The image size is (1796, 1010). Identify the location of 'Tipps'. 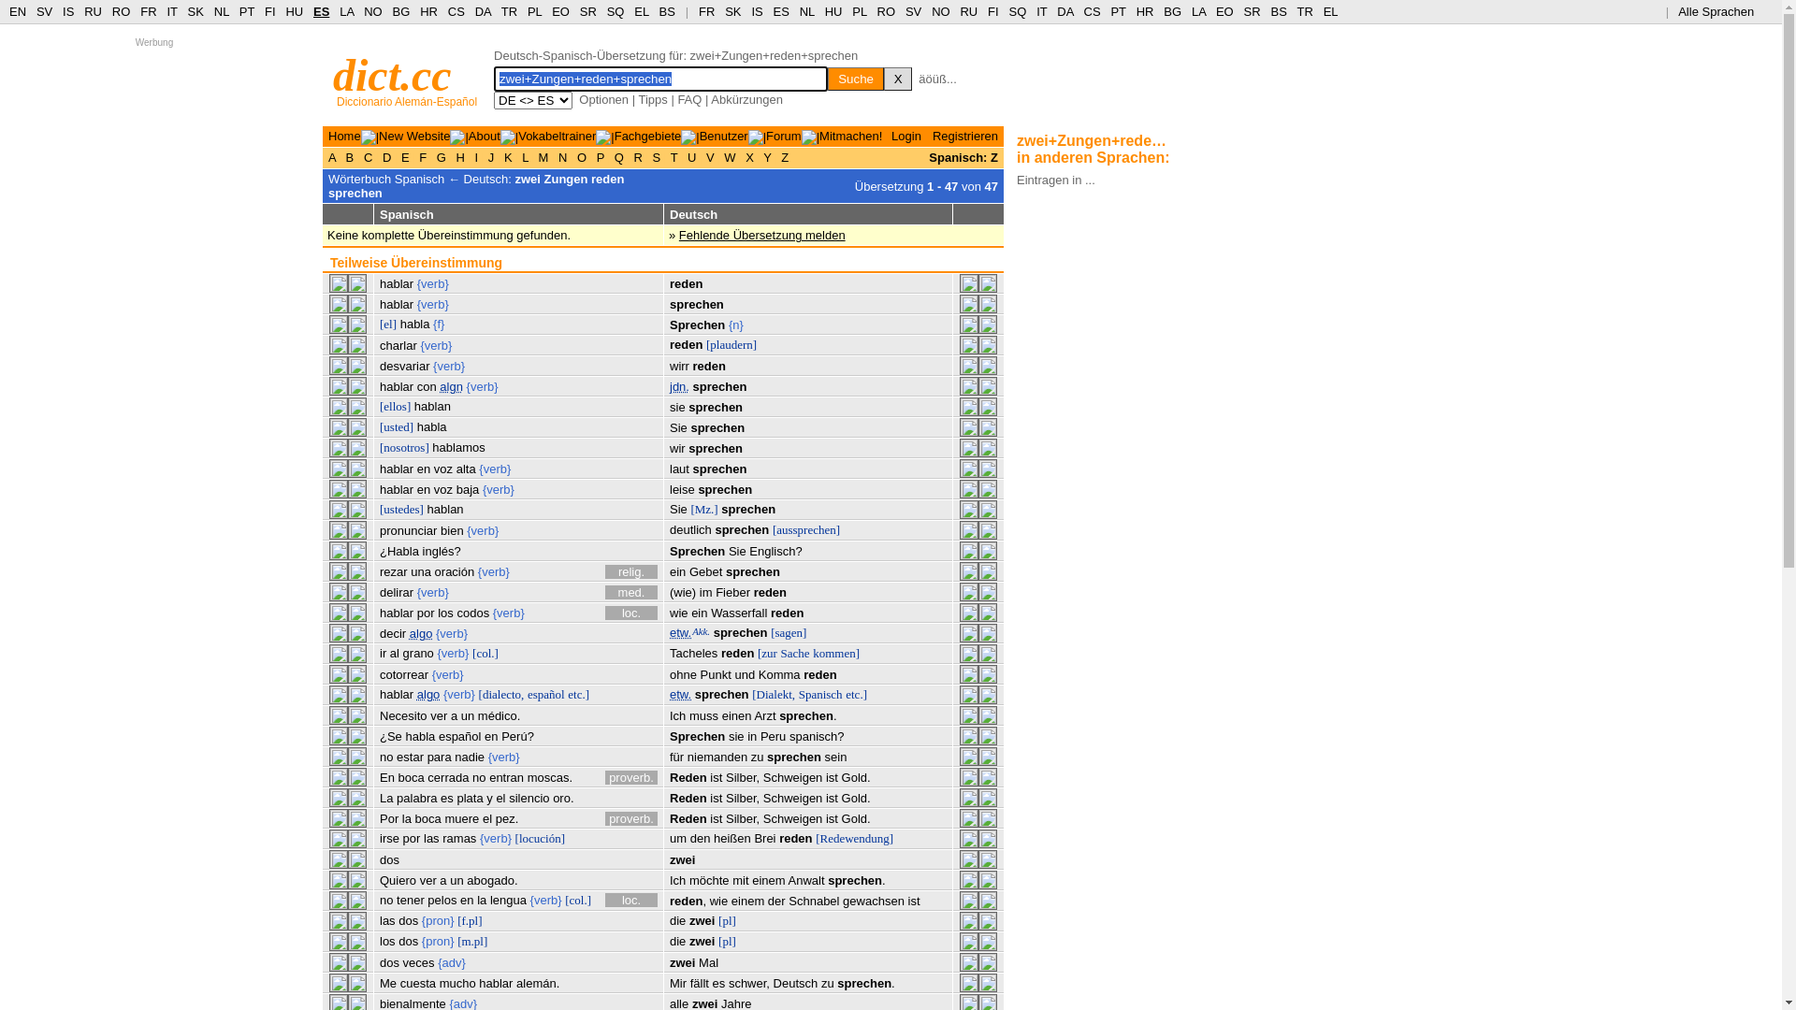
(652, 99).